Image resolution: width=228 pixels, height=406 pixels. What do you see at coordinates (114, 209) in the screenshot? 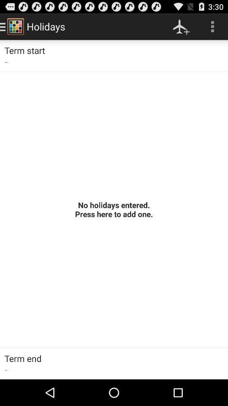
I see `the no holidays entered item` at bounding box center [114, 209].